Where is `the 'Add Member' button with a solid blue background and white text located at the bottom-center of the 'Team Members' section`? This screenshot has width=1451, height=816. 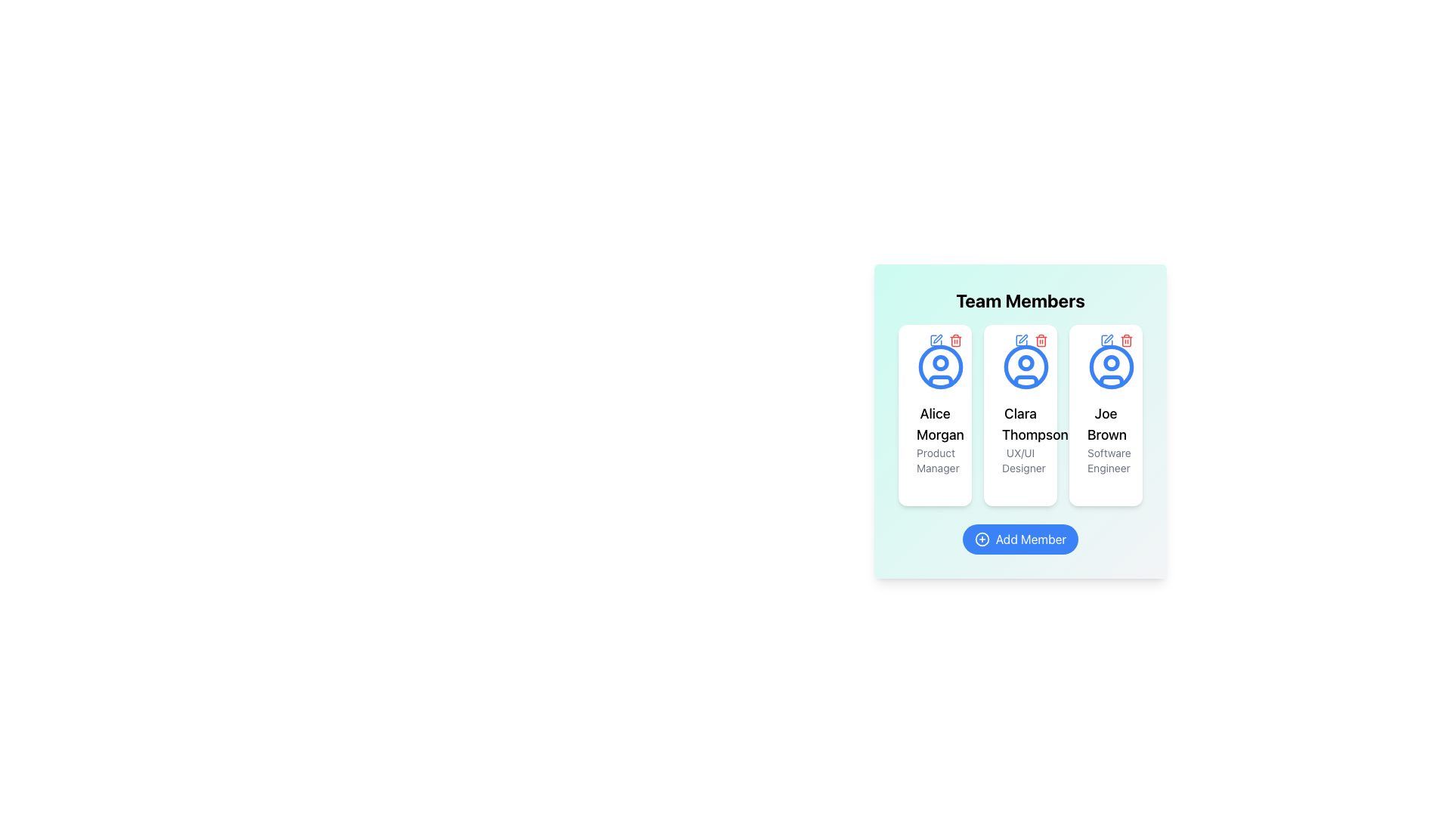
the 'Add Member' button with a solid blue background and white text located at the bottom-center of the 'Team Members' section is located at coordinates (1020, 538).